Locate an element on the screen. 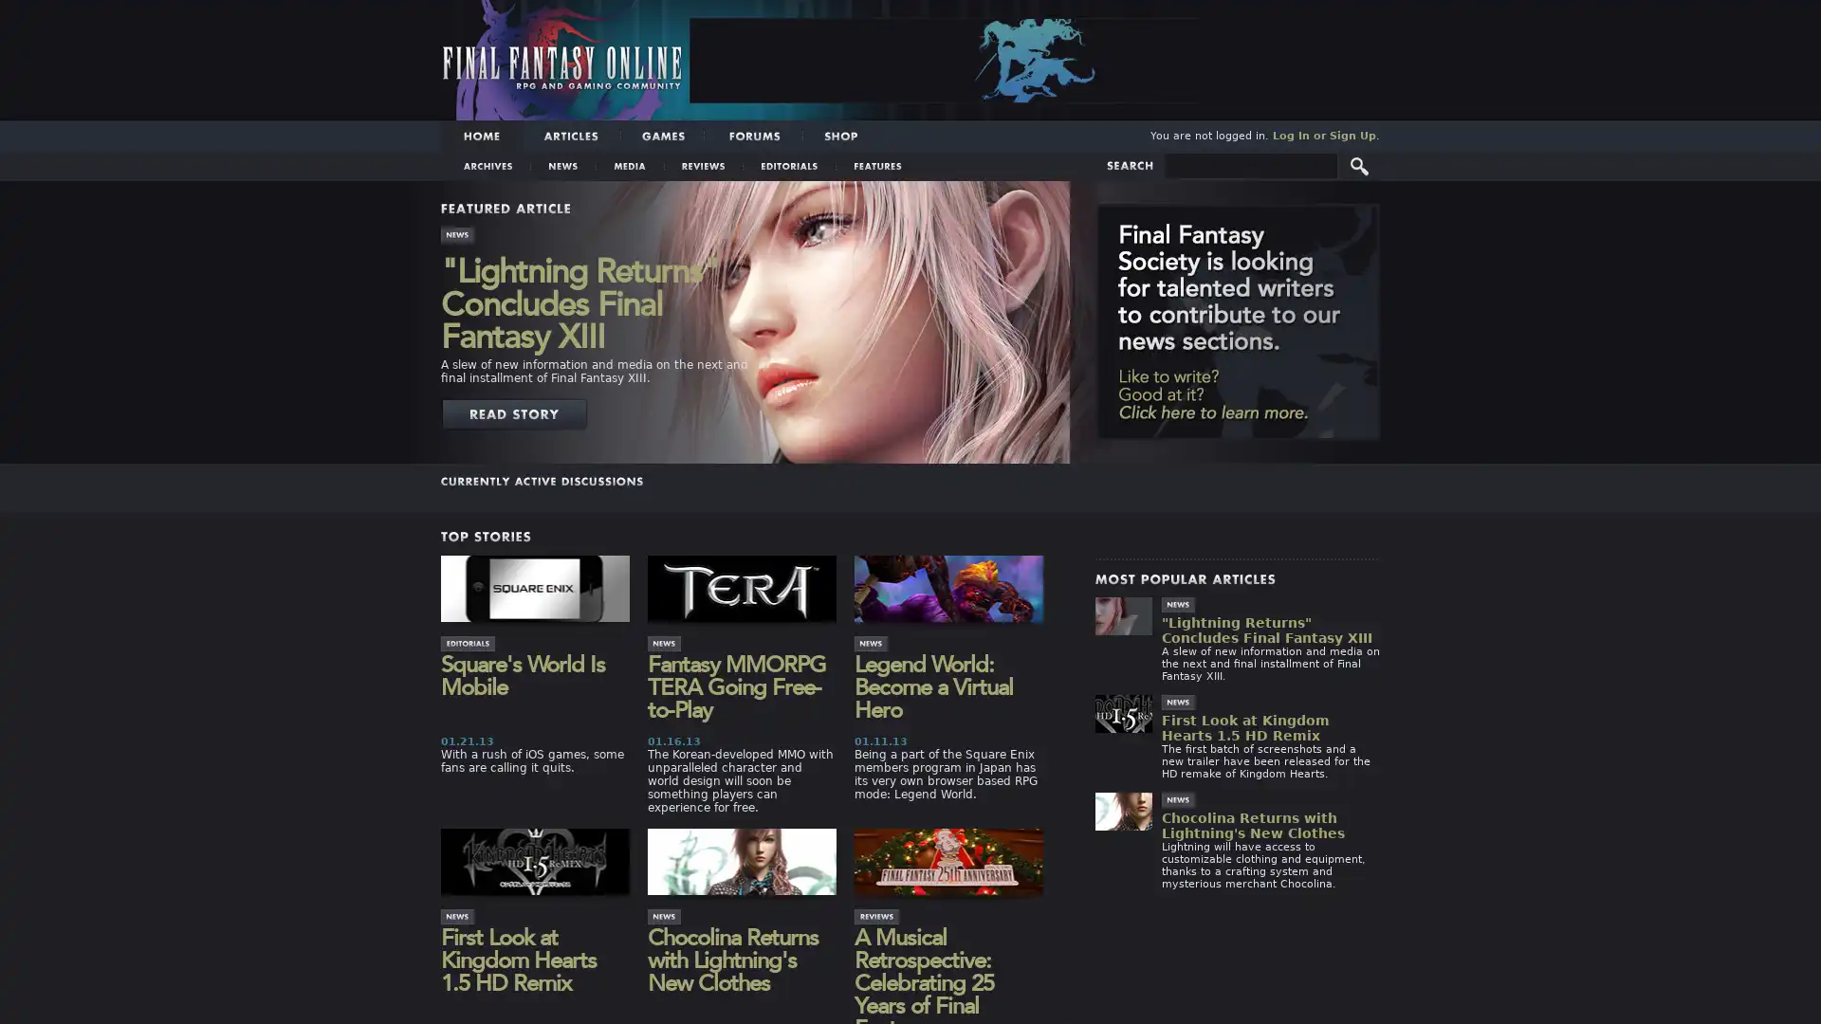 Image resolution: width=1821 pixels, height=1024 pixels. Submit is located at coordinates (1358, 164).